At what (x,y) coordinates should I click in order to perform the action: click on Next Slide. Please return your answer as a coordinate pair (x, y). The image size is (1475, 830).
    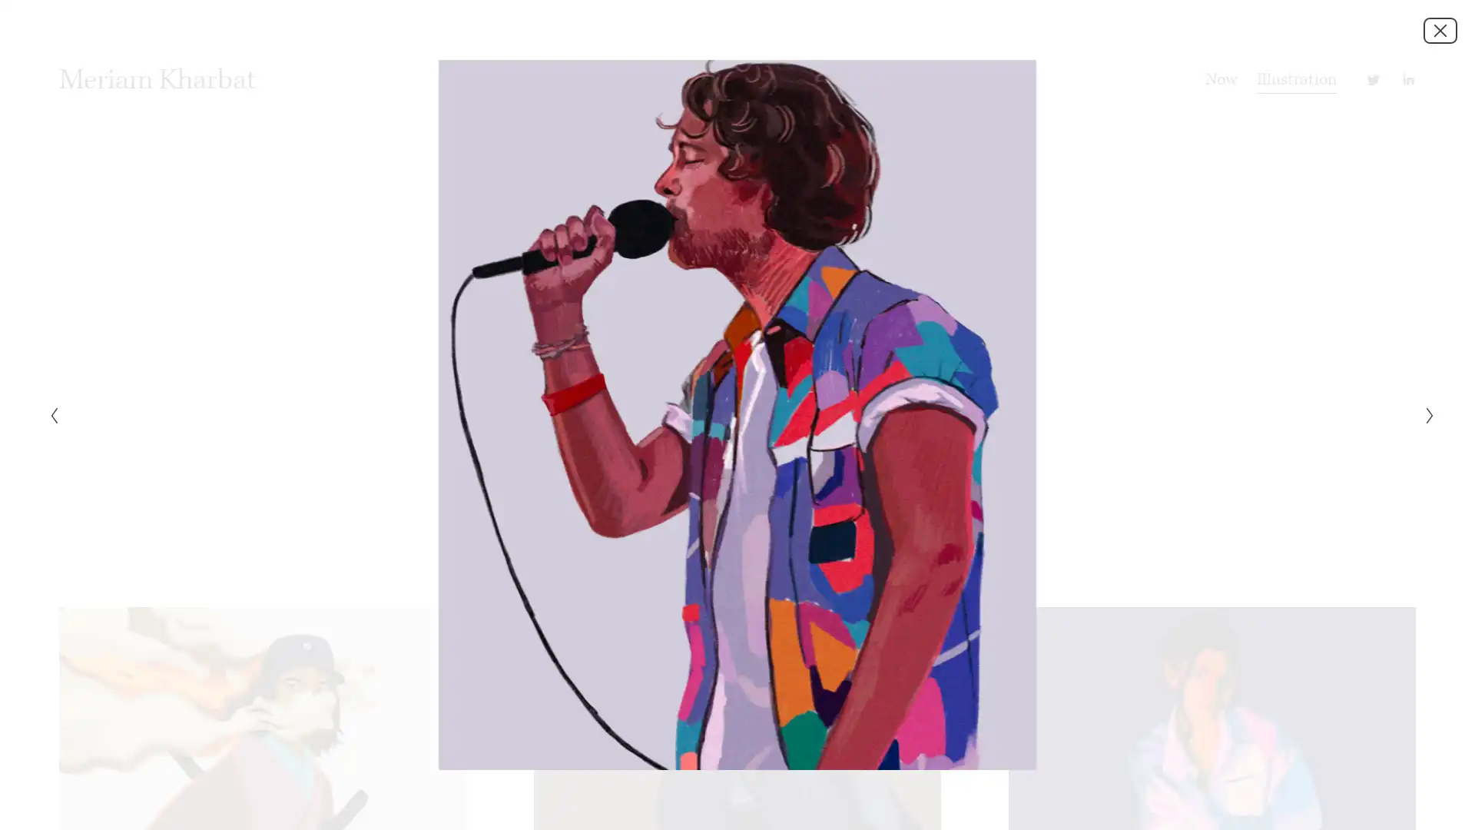
    Looking at the image, I should click on (1424, 415).